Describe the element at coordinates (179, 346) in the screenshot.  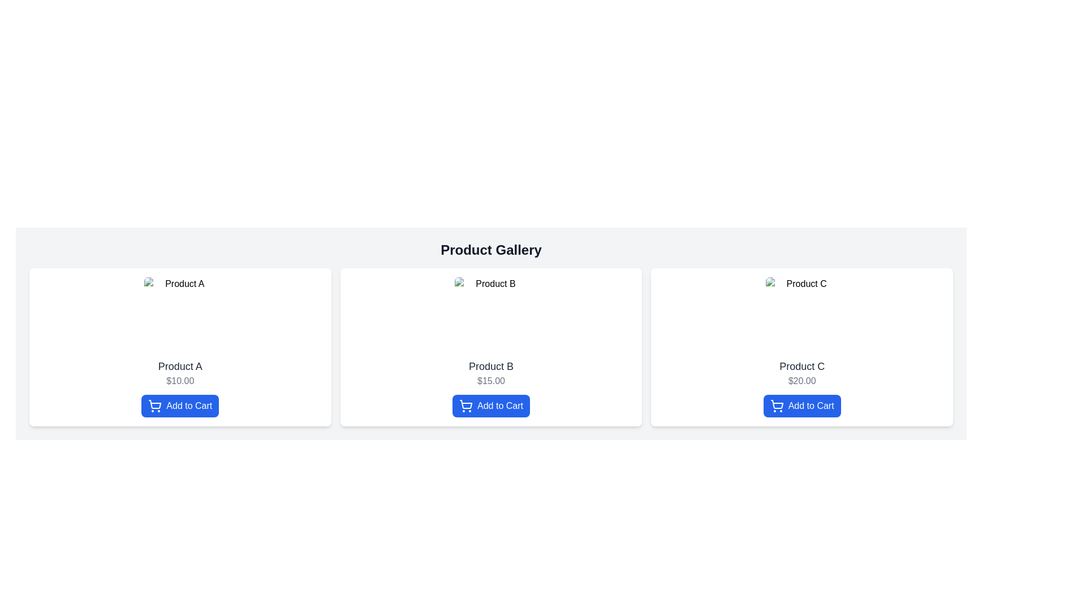
I see `image placeholder for 'Product A' located in the top-left corner of the product card grid` at that location.